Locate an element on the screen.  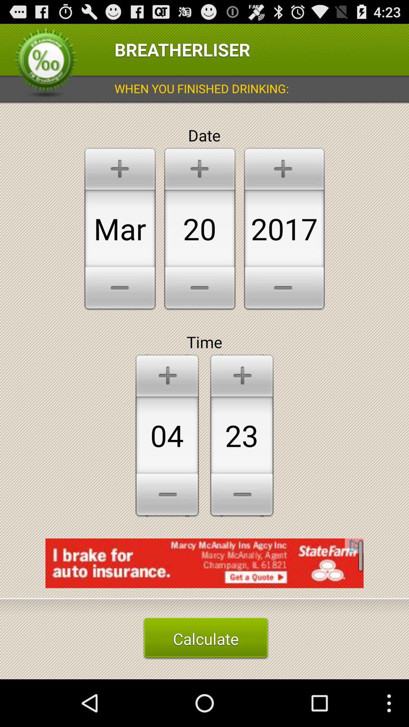
improper tagging is located at coordinates (204, 568).